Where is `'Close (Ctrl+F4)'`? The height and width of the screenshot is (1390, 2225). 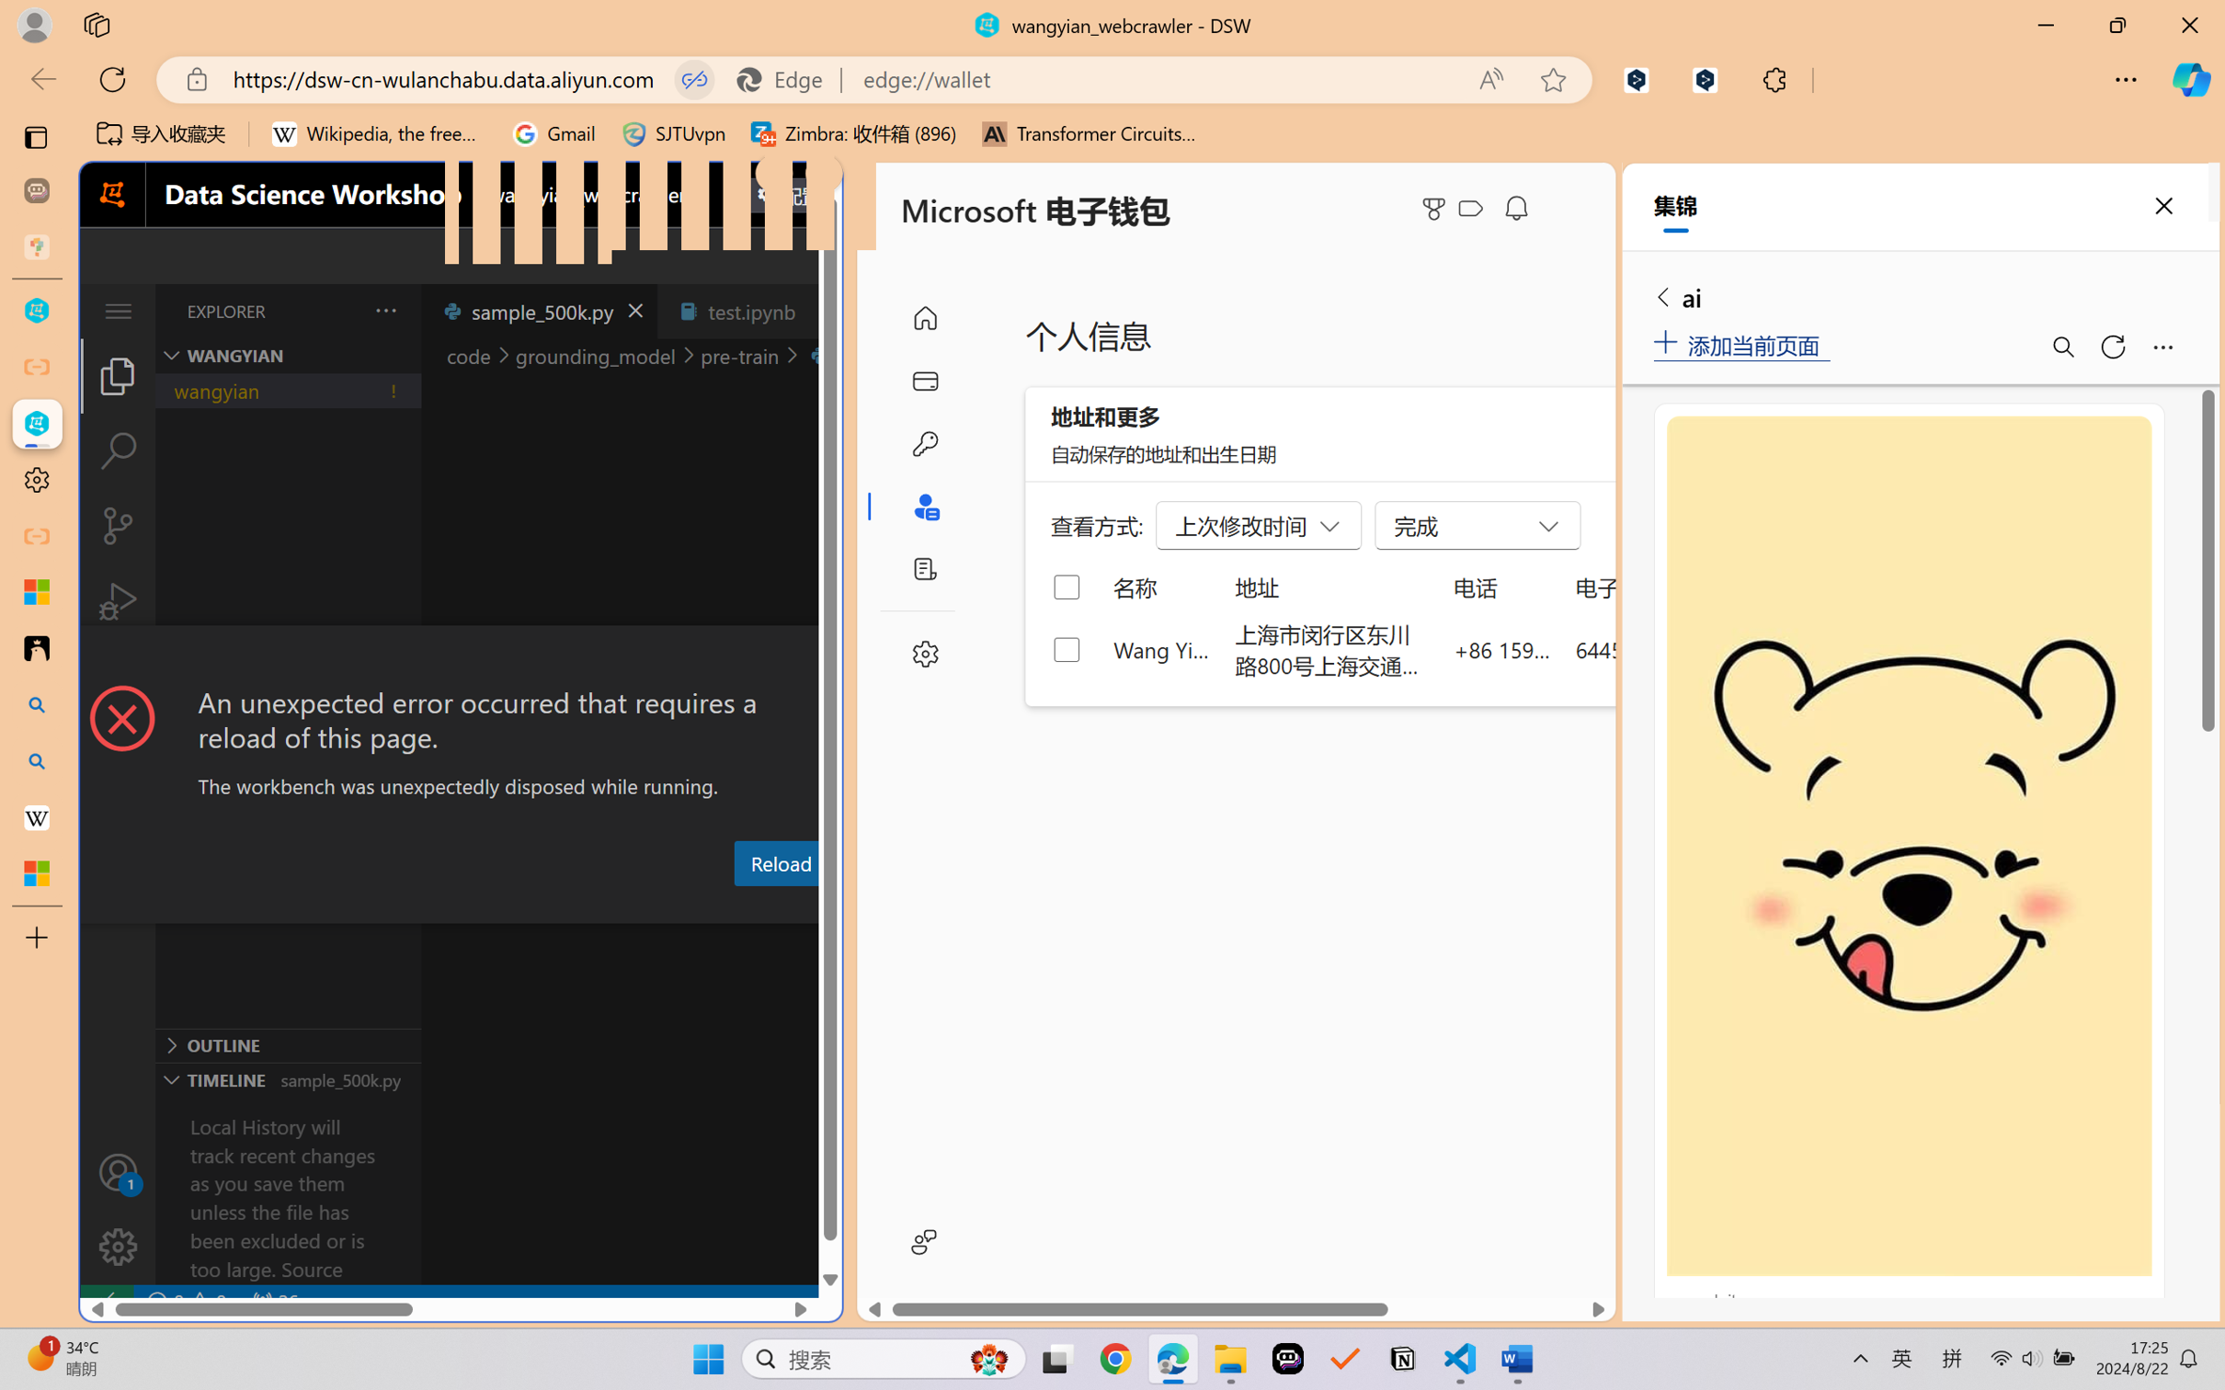
'Close (Ctrl+F4)' is located at coordinates (820, 310).